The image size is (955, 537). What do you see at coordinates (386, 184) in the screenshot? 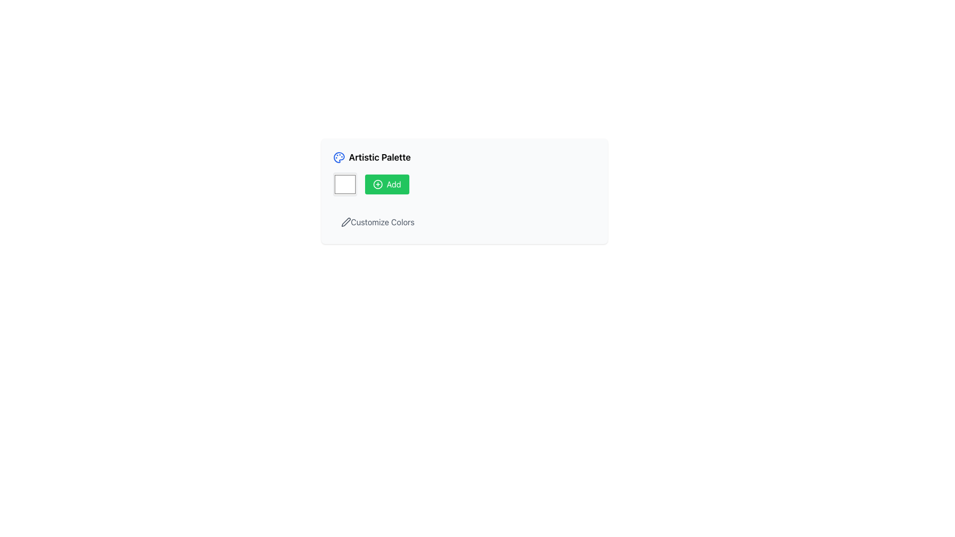
I see `the green 'Add' button with a plus icon` at bounding box center [386, 184].